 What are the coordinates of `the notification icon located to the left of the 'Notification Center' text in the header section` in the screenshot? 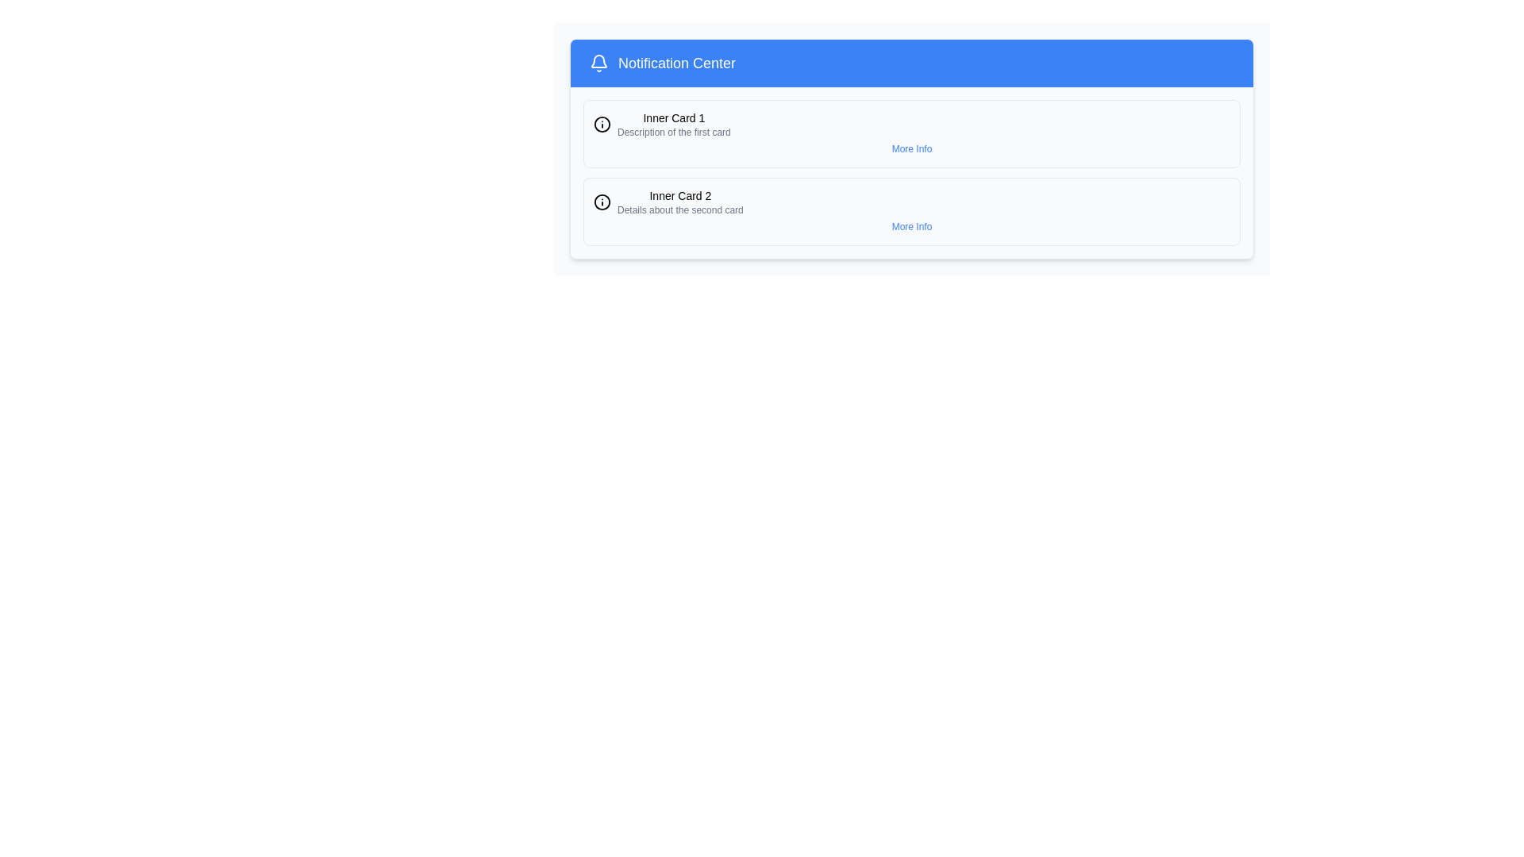 It's located at (598, 60).